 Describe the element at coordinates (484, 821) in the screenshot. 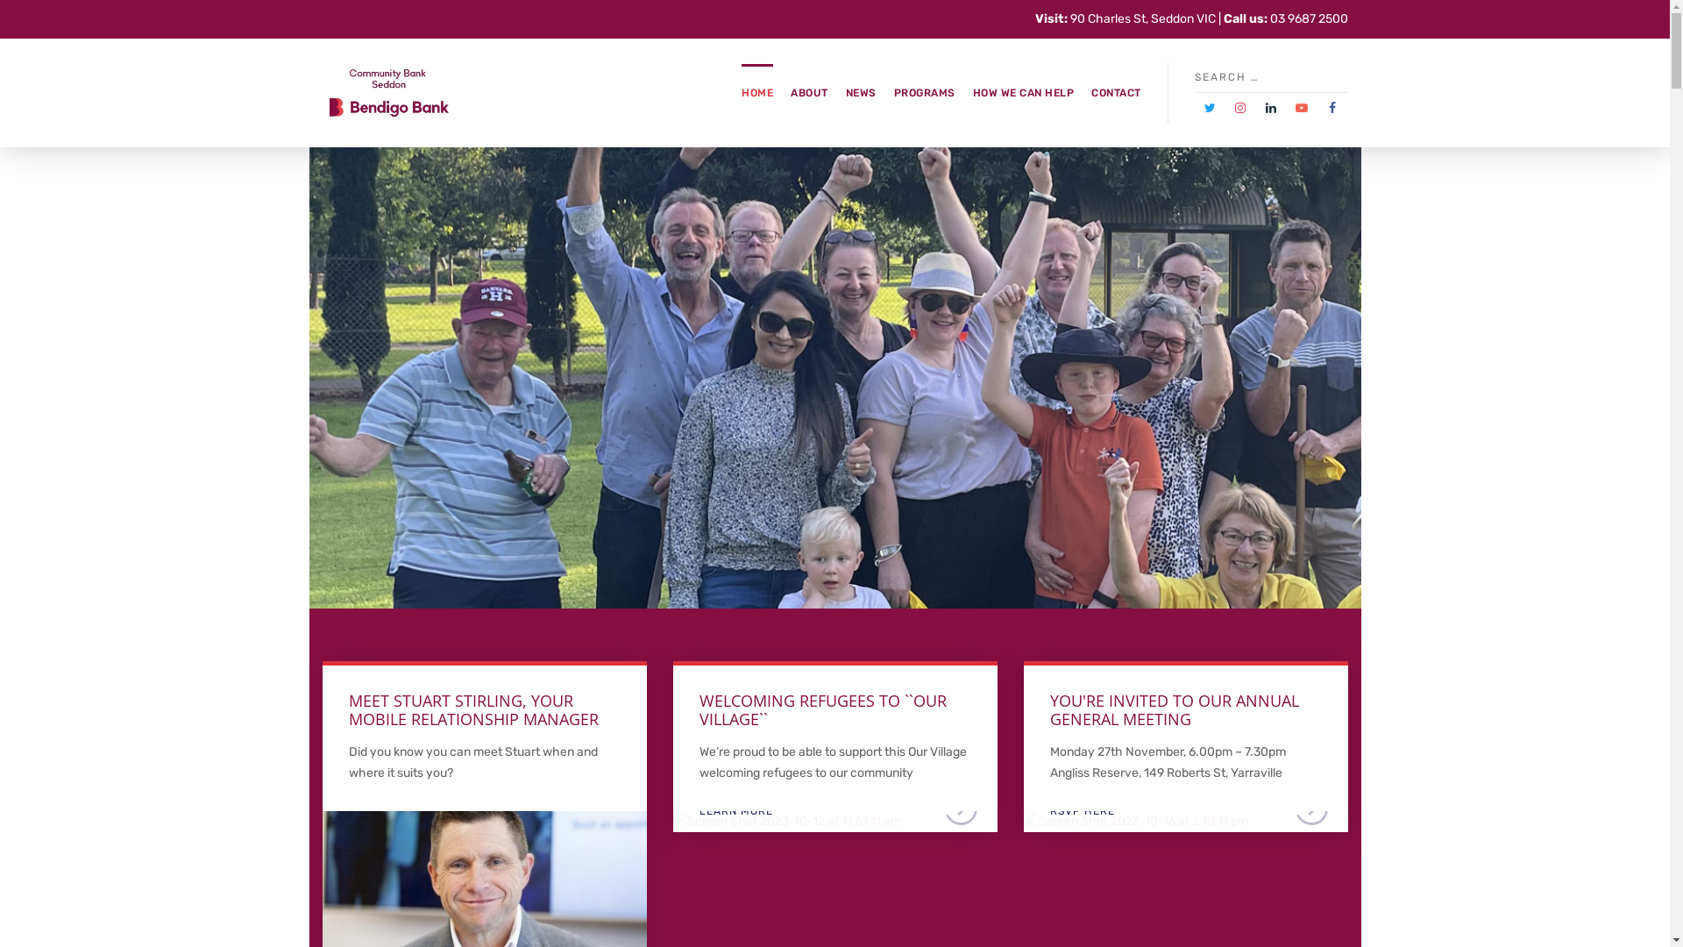

I see `'LEARN MORE'` at that location.